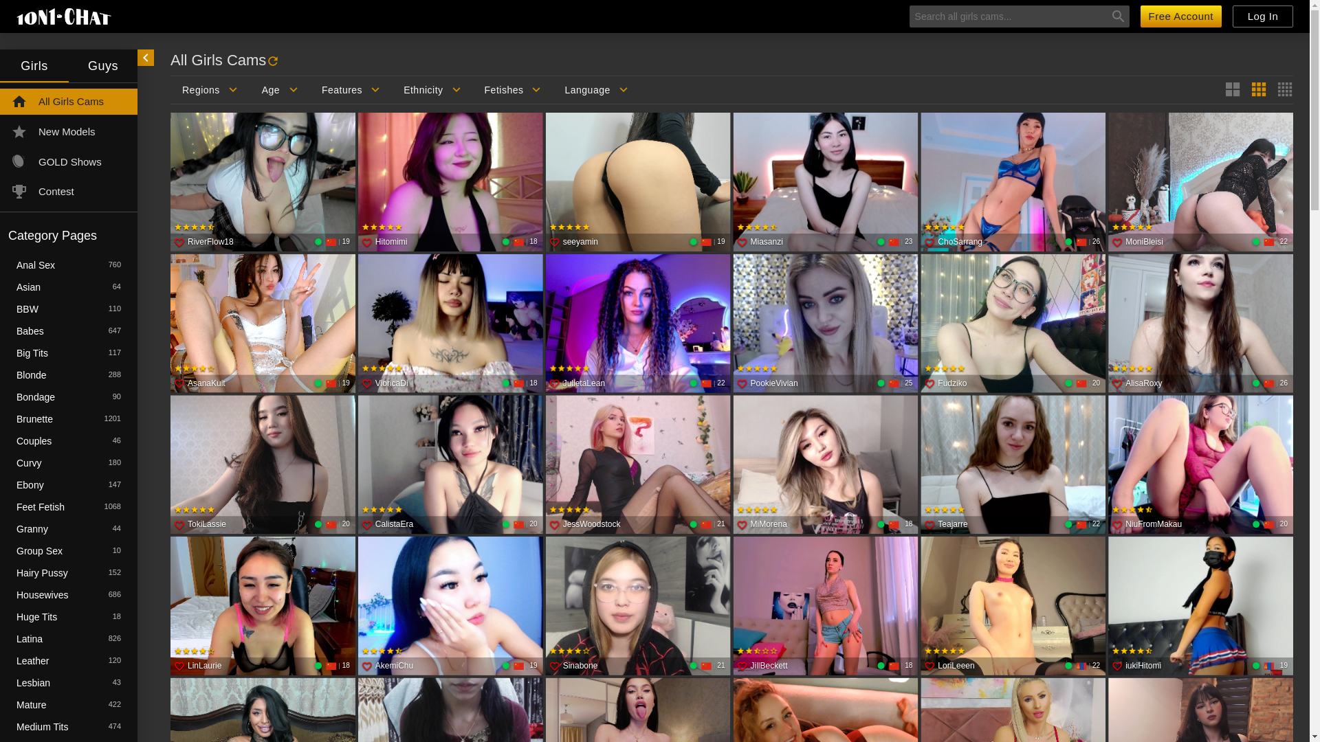 The image size is (1320, 742). What do you see at coordinates (34, 66) in the screenshot?
I see `'Girls'` at bounding box center [34, 66].